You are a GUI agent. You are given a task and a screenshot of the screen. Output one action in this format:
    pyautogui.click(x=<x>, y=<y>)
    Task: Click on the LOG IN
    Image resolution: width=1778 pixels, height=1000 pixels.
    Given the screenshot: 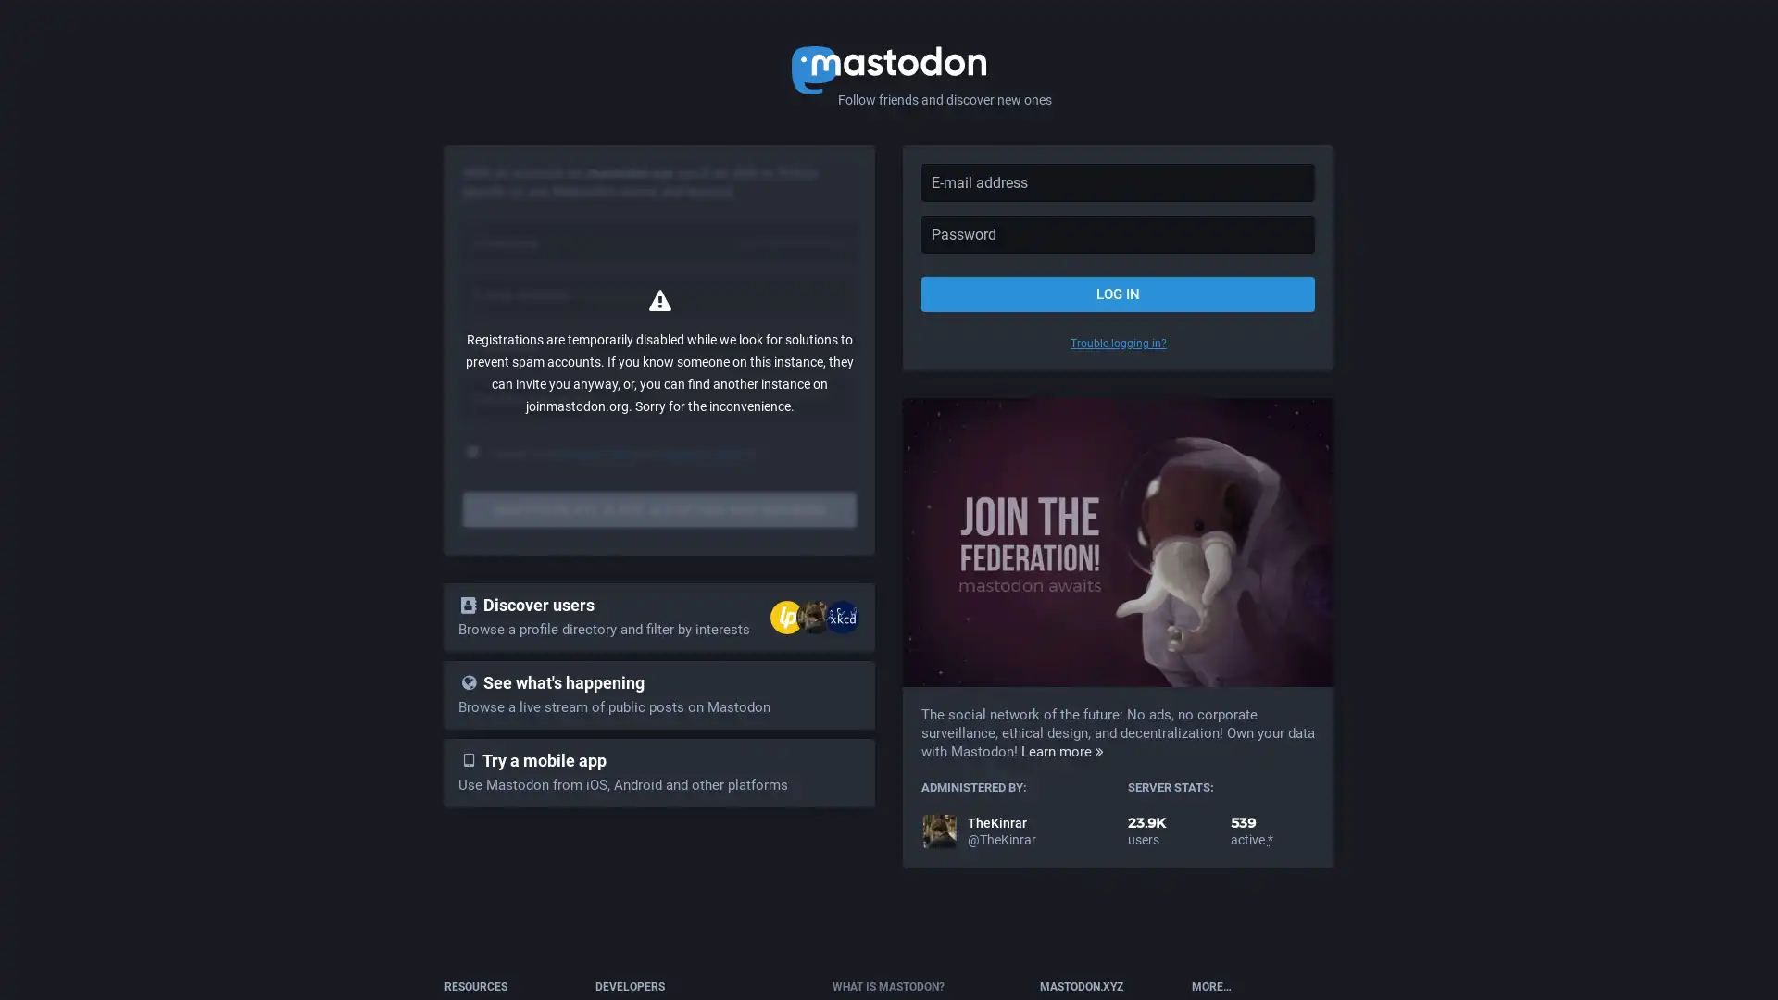 What is the action you would take?
    pyautogui.click(x=1117, y=293)
    